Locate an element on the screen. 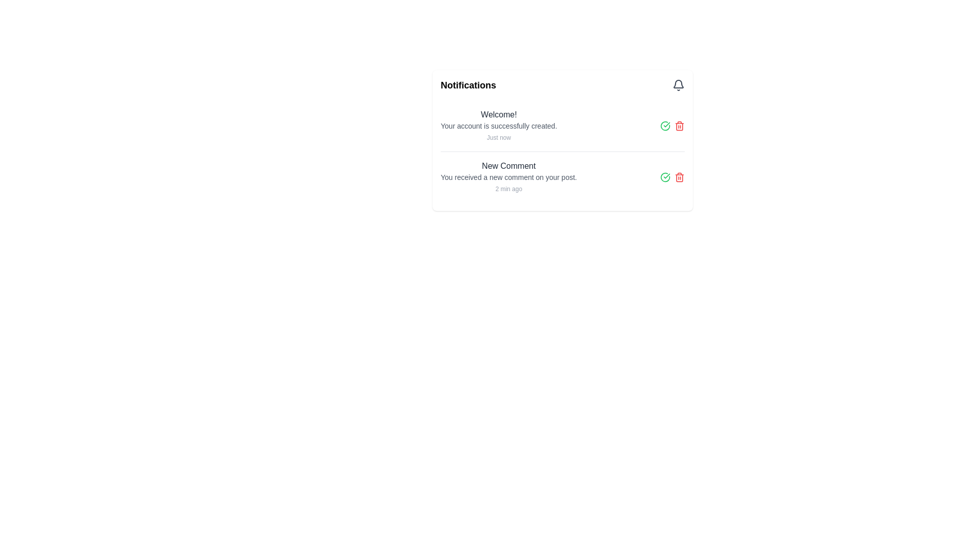 Image resolution: width=976 pixels, height=549 pixels. the red trash can button in the top notification row is located at coordinates (680, 125).